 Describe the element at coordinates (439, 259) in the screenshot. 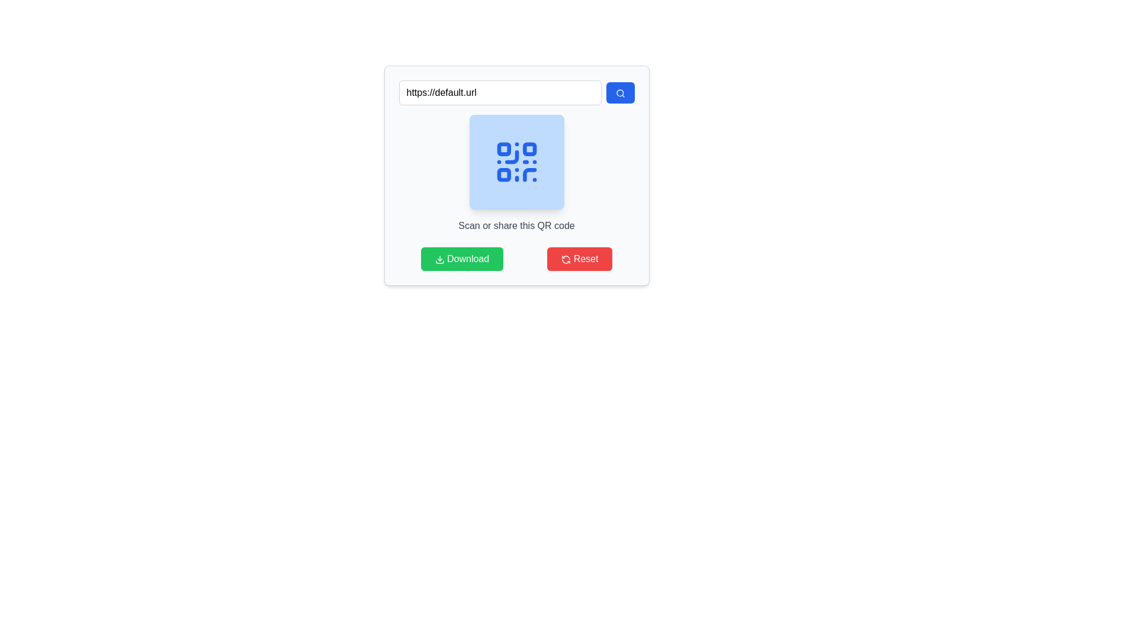

I see `the download icon located inside the green 'Download' button, which is positioned in the bottom left portion of the section below the QR code` at that location.